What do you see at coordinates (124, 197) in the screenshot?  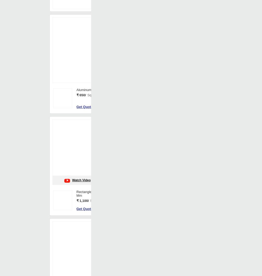 I see `'10 inch x 4 inch'` at bounding box center [124, 197].